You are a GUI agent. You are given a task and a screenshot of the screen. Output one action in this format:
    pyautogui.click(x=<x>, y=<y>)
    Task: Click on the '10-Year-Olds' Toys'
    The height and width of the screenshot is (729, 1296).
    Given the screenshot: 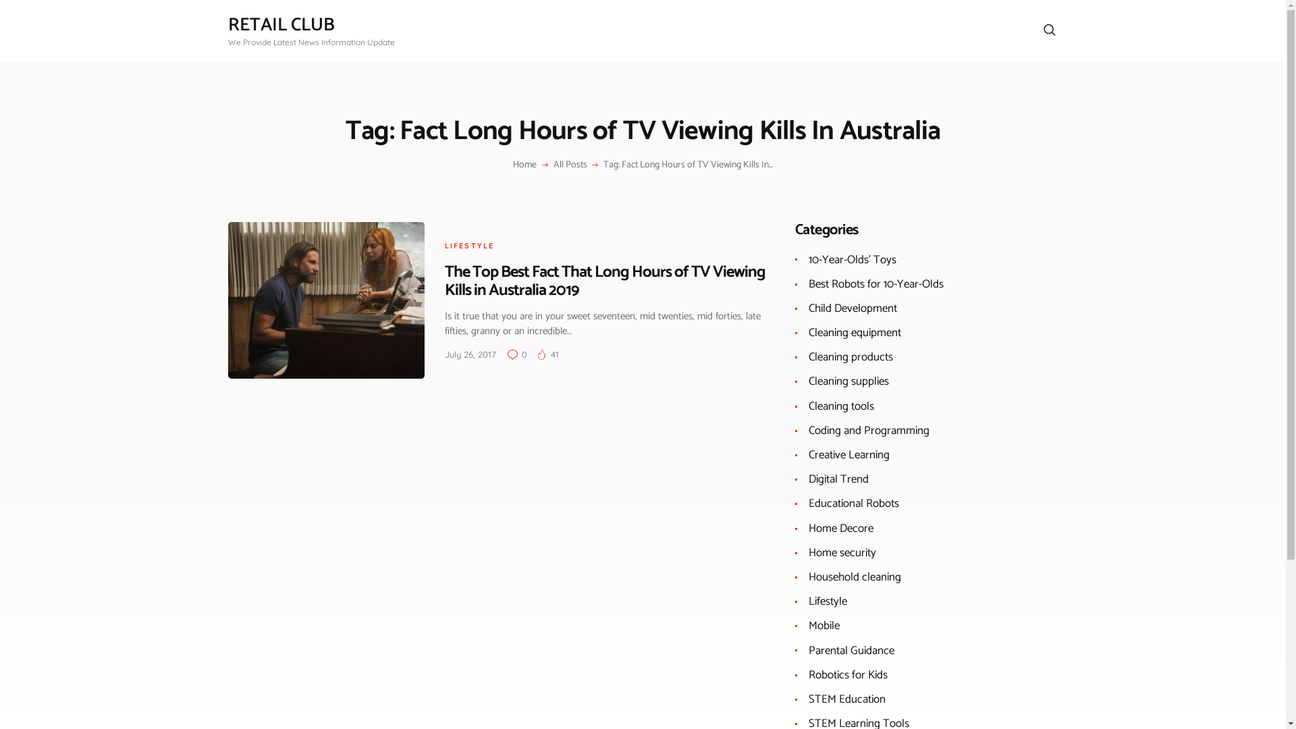 What is the action you would take?
    pyautogui.click(x=851, y=260)
    